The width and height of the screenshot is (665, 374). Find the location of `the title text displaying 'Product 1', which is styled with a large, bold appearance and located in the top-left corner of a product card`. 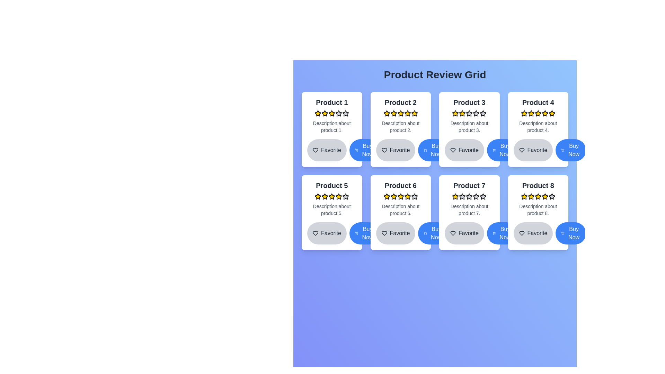

the title text displaying 'Product 1', which is styled with a large, bold appearance and located in the top-left corner of a product card is located at coordinates (331, 103).